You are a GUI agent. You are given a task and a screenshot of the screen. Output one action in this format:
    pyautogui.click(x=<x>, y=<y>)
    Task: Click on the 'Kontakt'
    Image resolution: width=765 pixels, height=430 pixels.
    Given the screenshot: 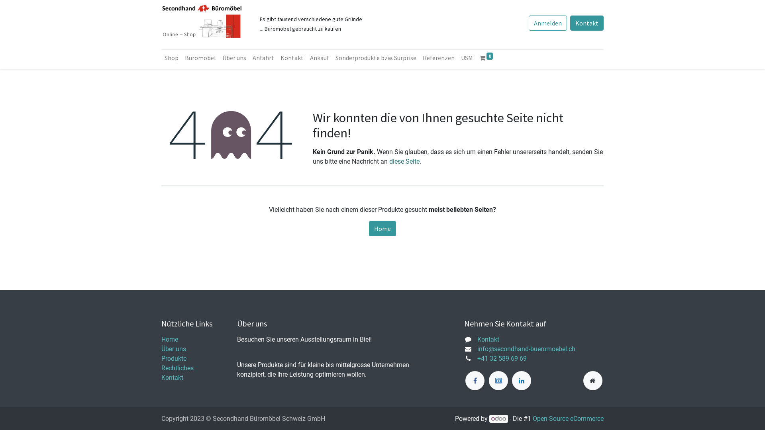 What is the action you would take?
    pyautogui.click(x=172, y=377)
    